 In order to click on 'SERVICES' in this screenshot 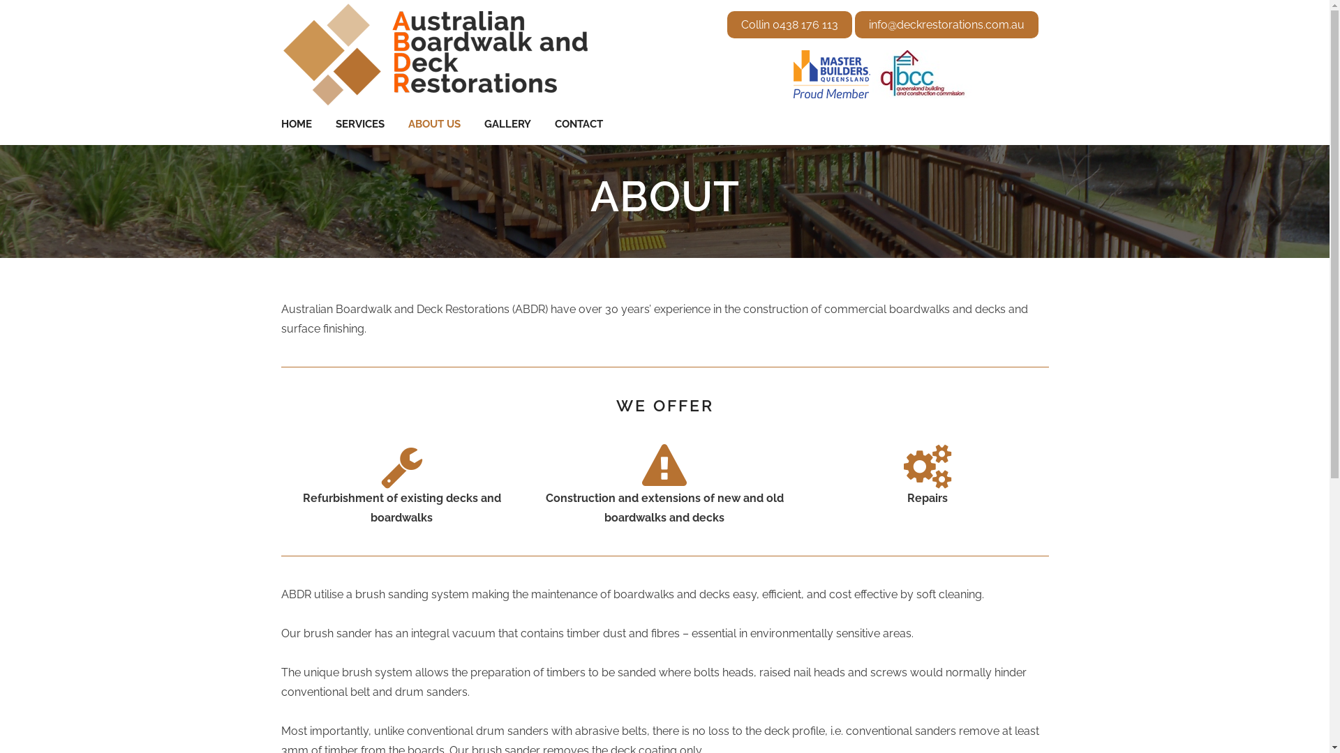, I will do `click(359, 123)`.